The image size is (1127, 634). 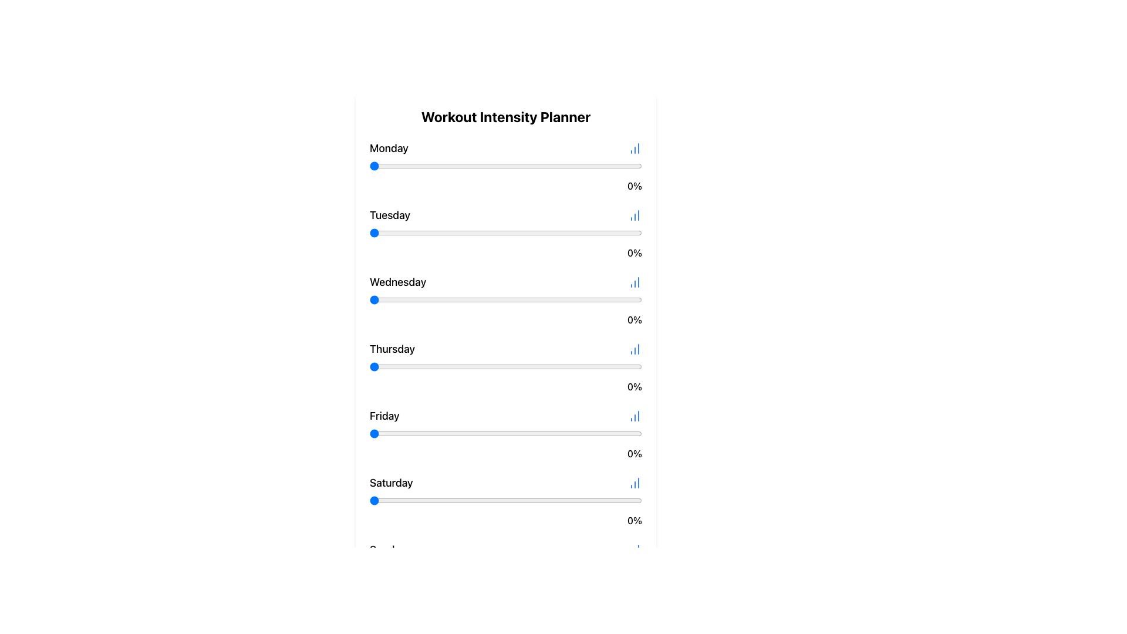 What do you see at coordinates (521, 233) in the screenshot?
I see `the intensity for Tuesday` at bounding box center [521, 233].